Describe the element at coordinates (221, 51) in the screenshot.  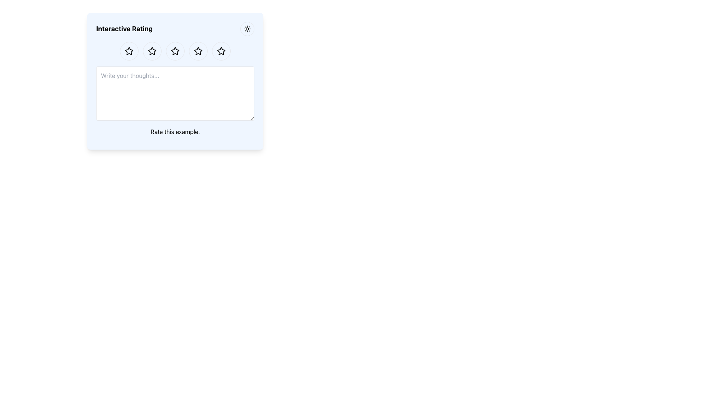
I see `the fifth star-shaped rating icon at the rightmost end of the row to rate it` at that location.